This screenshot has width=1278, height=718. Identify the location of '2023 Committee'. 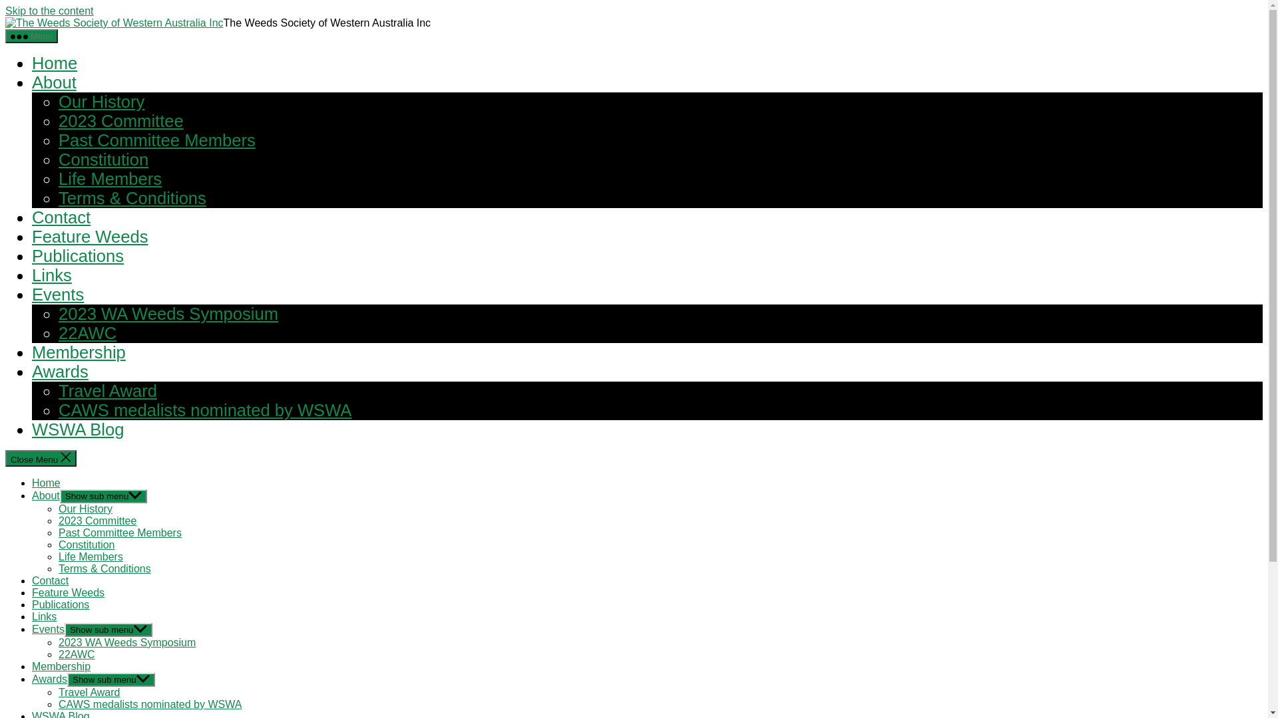
(121, 120).